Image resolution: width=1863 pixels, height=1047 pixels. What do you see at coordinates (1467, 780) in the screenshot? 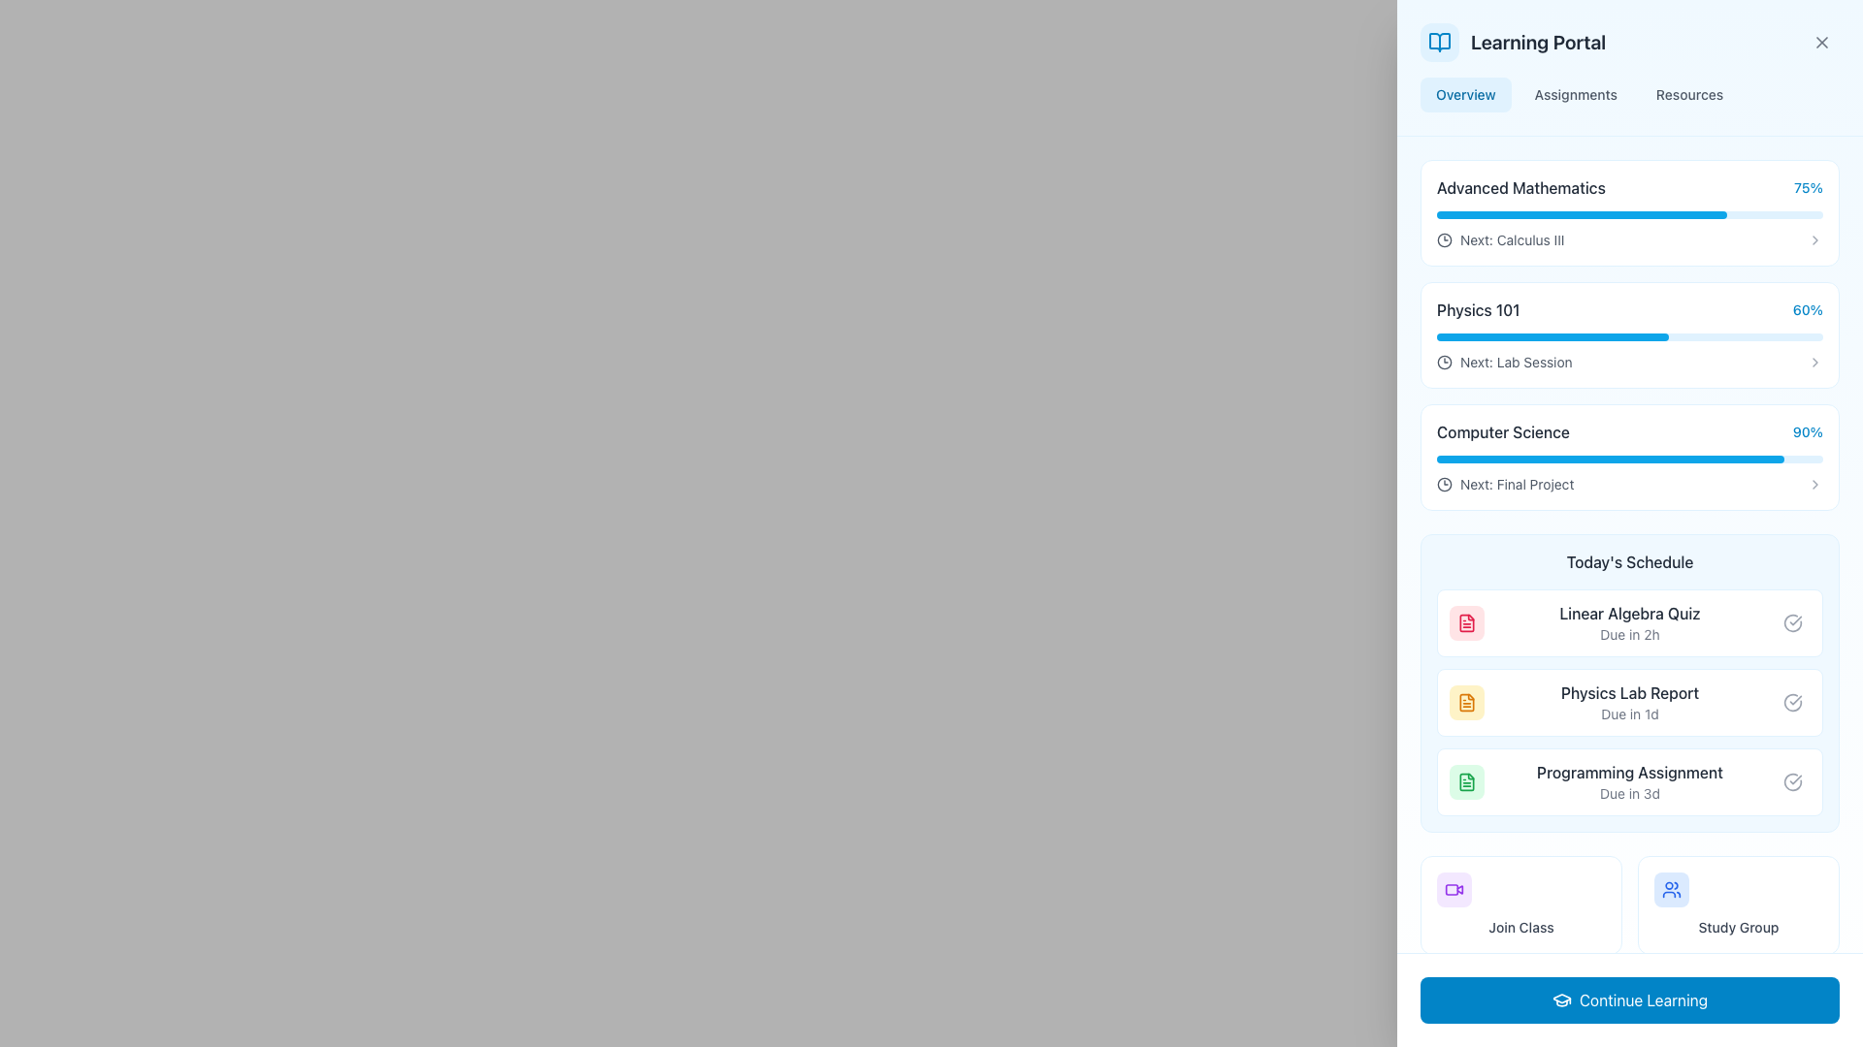
I see `the icon representing a document or file related to an assignment located in the right panel under 'Programming Assignment' in 'Today's Schedule'` at bounding box center [1467, 780].